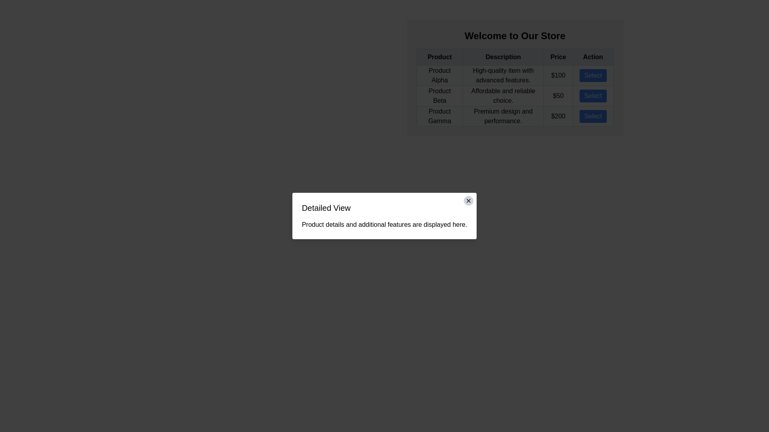  I want to click on descriptive text content about 'Product Beta' which states 'Affordable and reliable choice.' located in the second row and second column of the product details table, so click(515, 95).